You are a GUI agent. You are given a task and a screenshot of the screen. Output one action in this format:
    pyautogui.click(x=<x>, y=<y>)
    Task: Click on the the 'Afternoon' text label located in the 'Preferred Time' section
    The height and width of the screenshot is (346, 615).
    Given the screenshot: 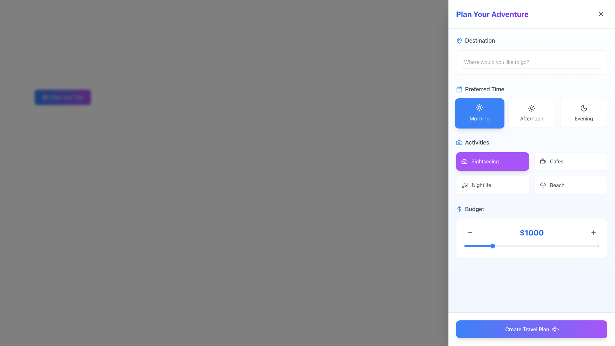 What is the action you would take?
    pyautogui.click(x=532, y=119)
    